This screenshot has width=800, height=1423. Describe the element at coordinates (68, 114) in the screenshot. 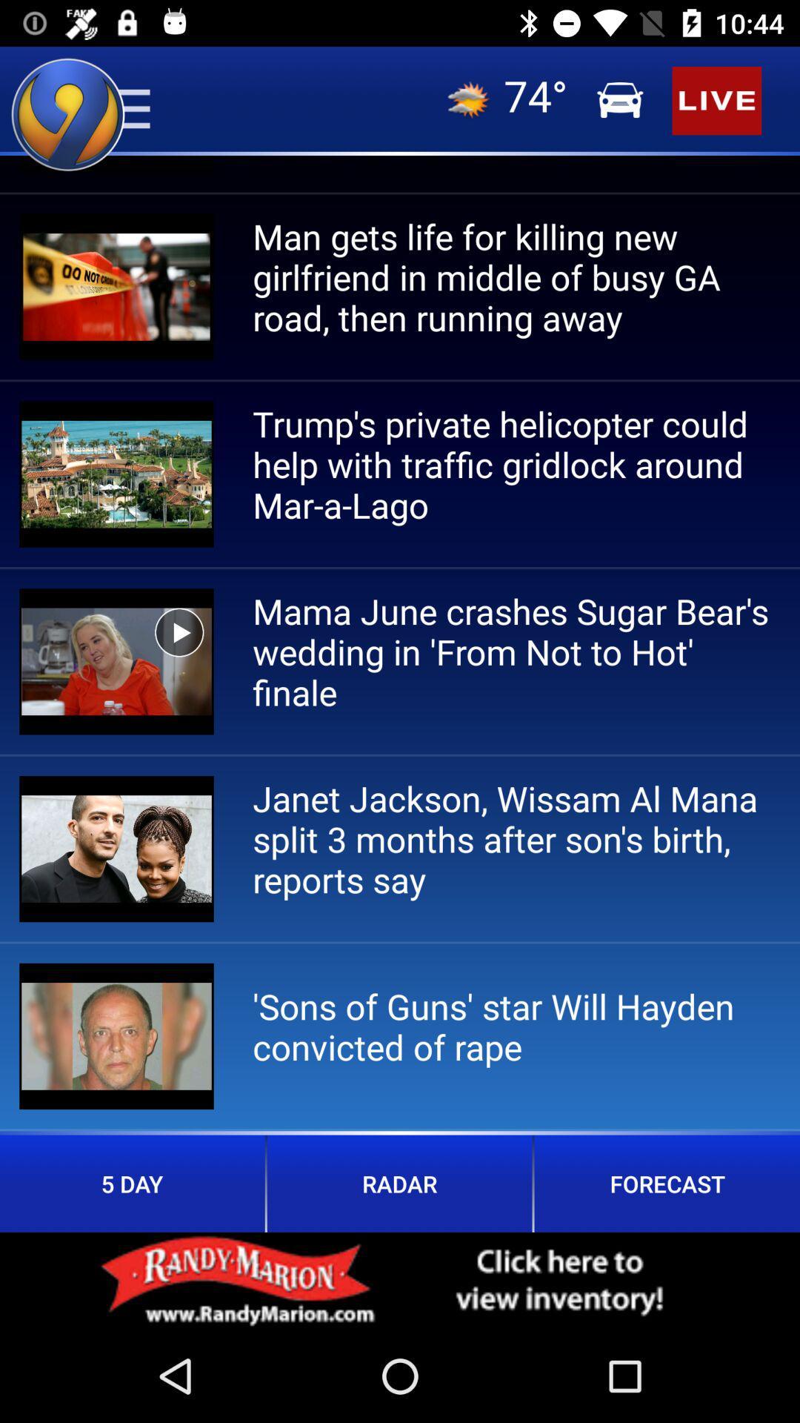

I see `the location icon` at that location.